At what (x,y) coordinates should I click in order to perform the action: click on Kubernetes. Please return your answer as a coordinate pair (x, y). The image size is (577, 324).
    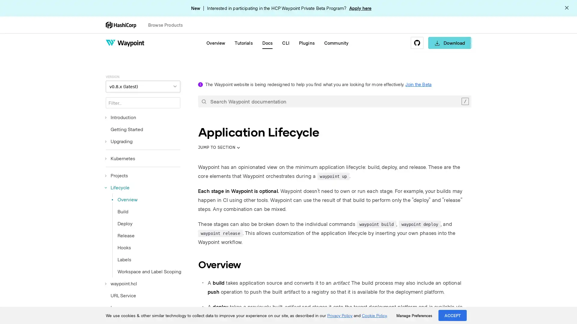
    Looking at the image, I should click on (120, 158).